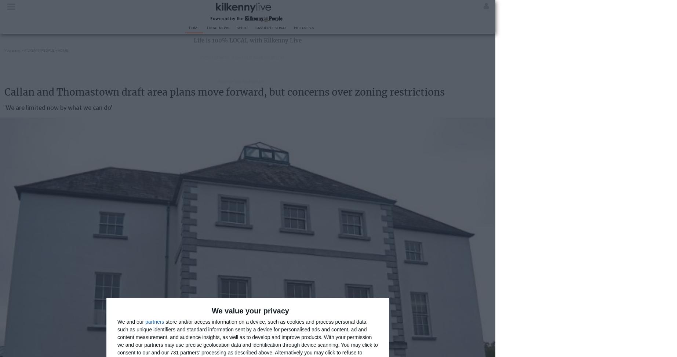 This screenshot has width=677, height=357. What do you see at coordinates (452, 28) in the screenshot?
I see `'EcoLive'` at bounding box center [452, 28].